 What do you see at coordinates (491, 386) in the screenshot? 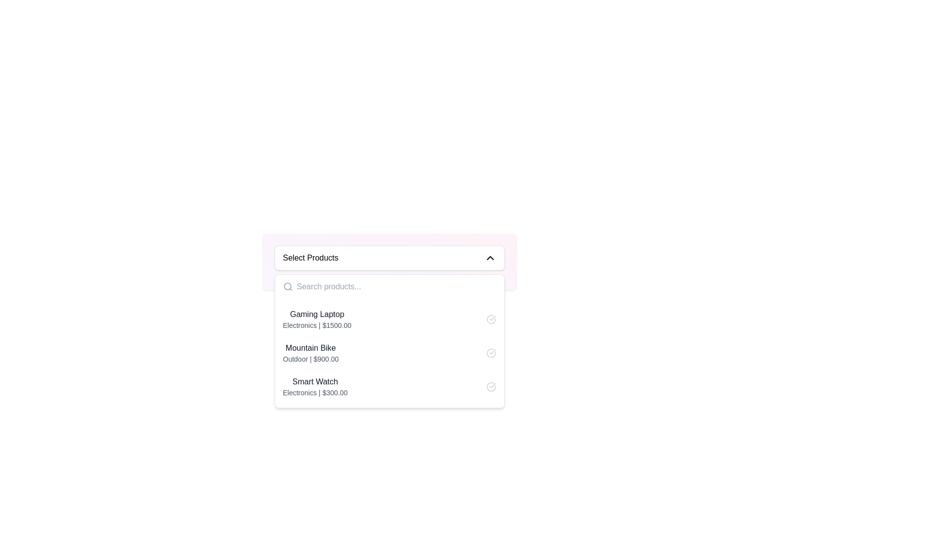
I see `the circular icon with a checkmark located at the right end of the 'Smart Watch' row in the dropdown list` at bounding box center [491, 386].